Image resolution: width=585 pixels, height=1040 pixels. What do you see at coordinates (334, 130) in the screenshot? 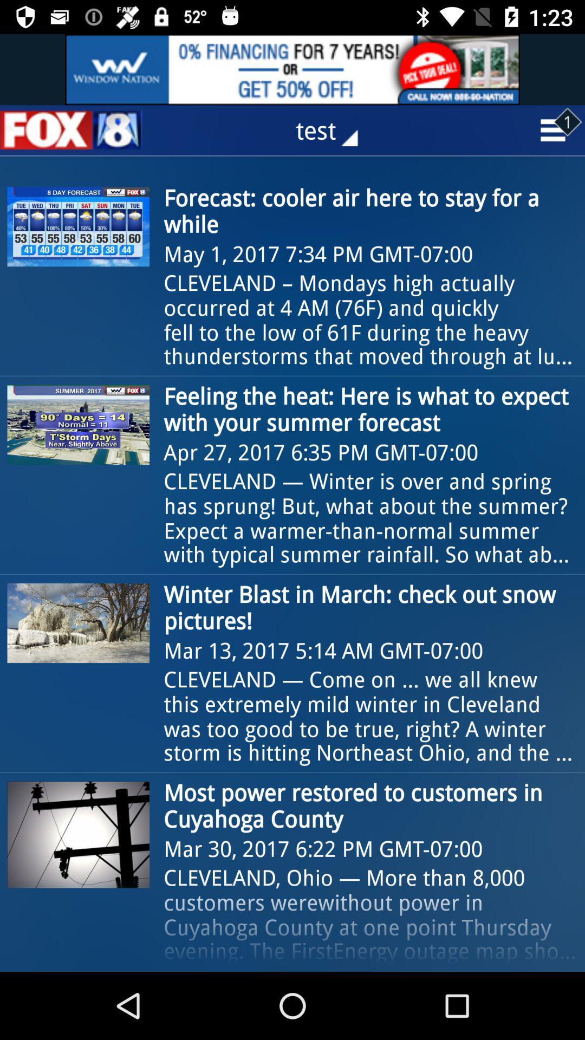
I see `test` at bounding box center [334, 130].